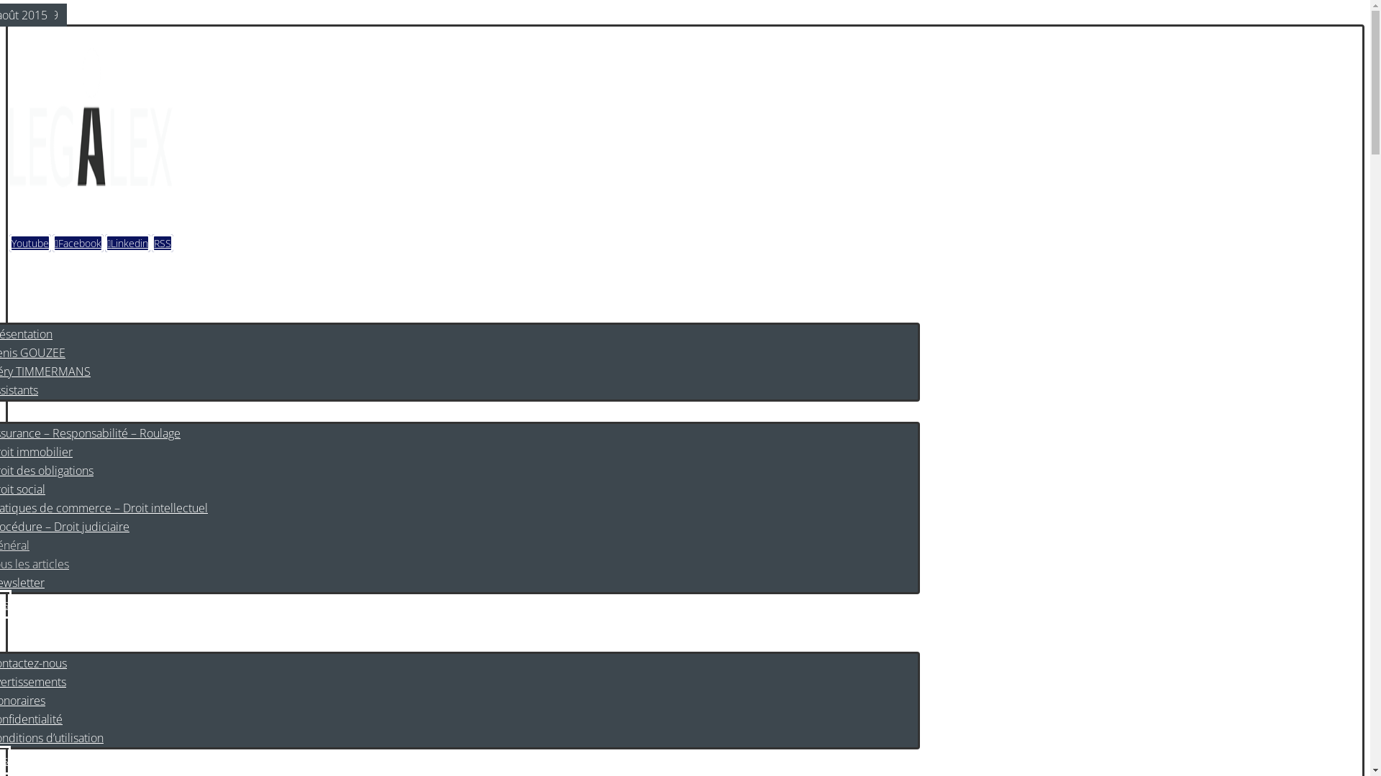 The width and height of the screenshot is (1381, 776). I want to click on 'Youtube', so click(30, 242).